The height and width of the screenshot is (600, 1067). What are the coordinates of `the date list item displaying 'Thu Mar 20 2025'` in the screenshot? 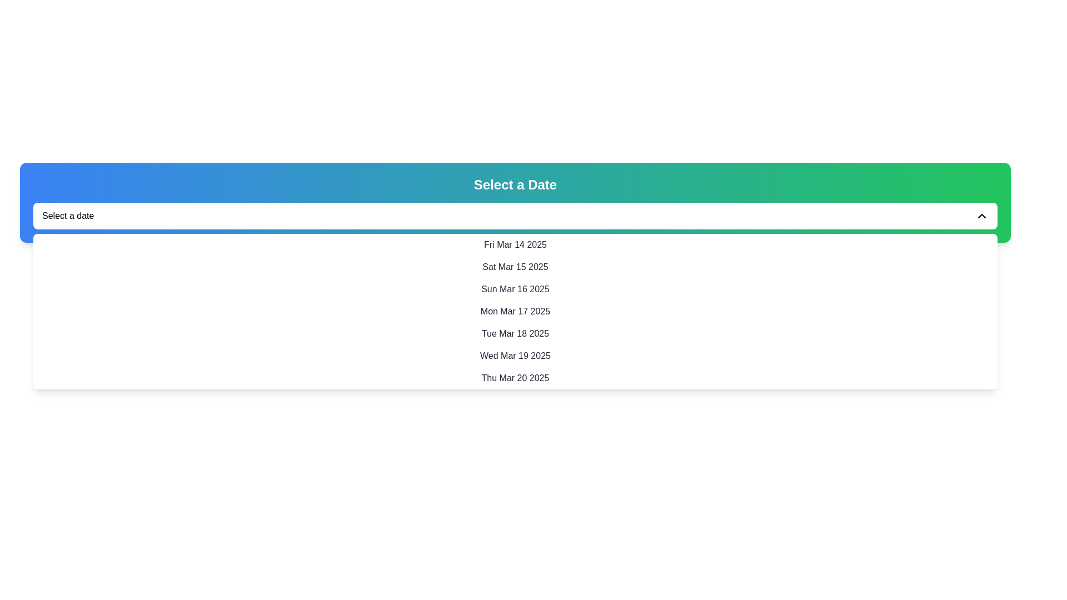 It's located at (515, 378).